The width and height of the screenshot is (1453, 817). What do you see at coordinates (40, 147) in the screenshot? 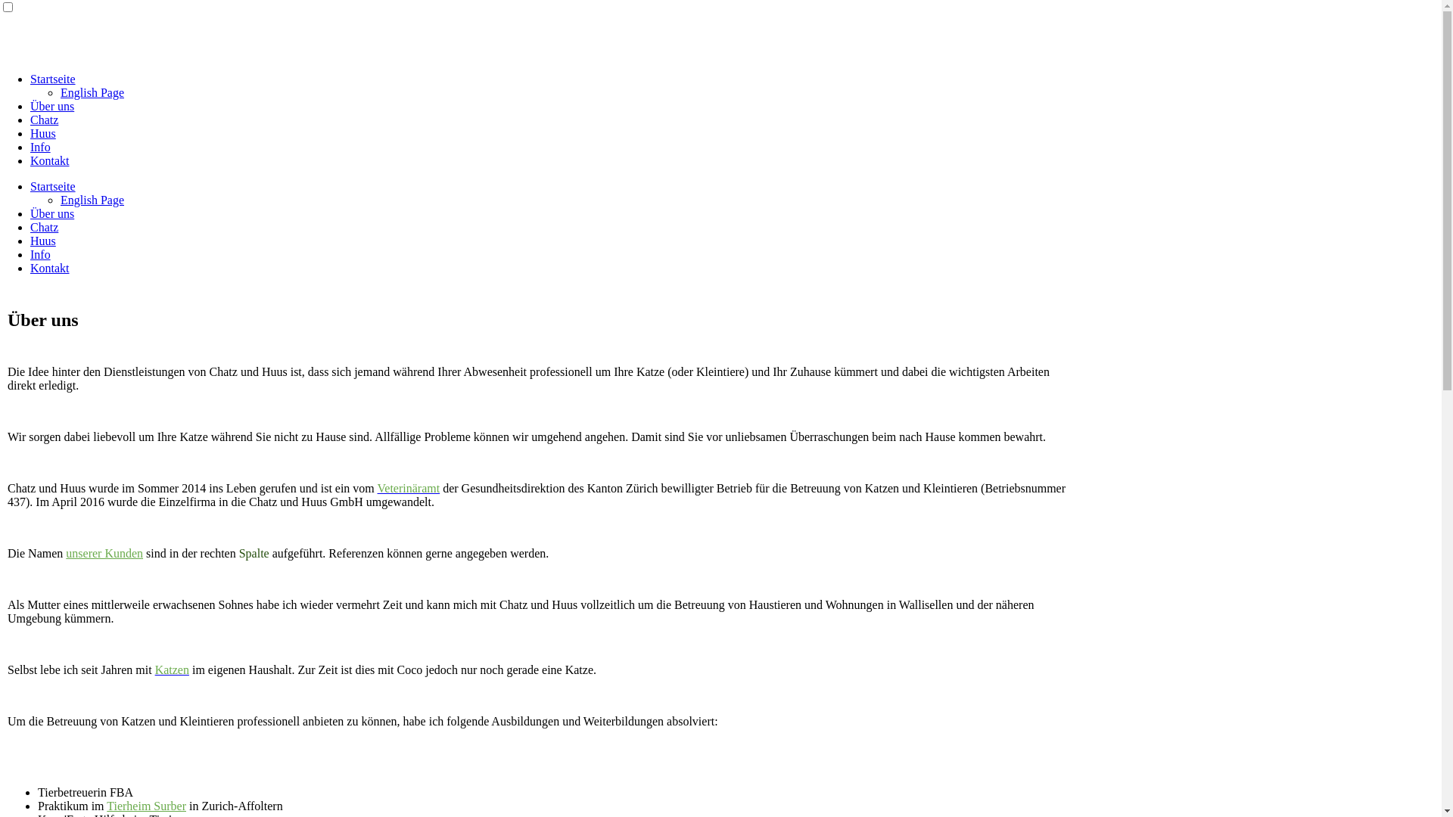
I see `'Info'` at bounding box center [40, 147].